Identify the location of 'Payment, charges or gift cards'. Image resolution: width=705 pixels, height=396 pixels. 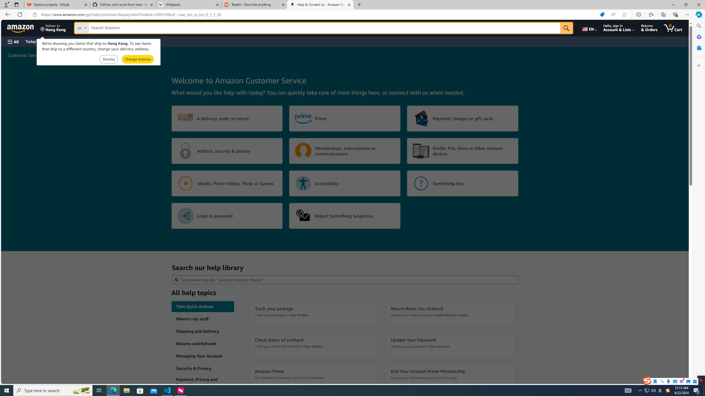
(462, 118).